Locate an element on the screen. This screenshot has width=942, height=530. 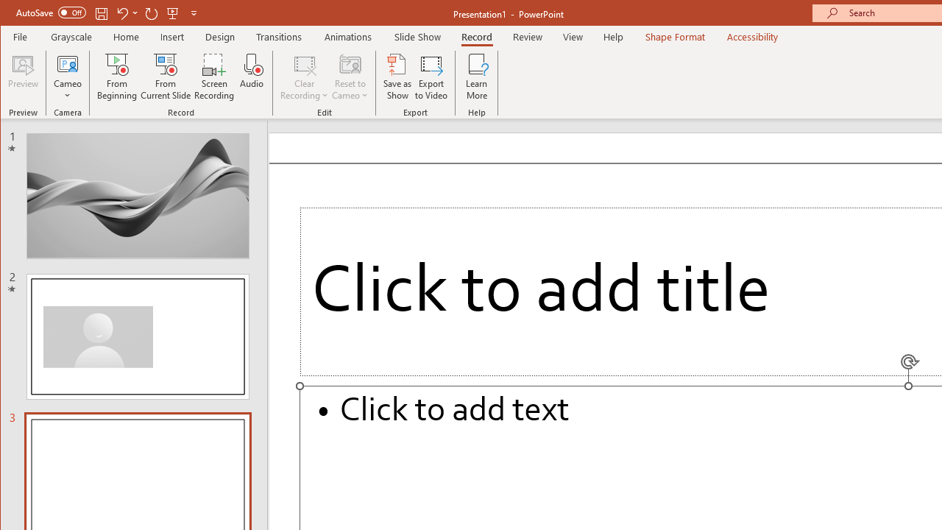
'Screen Recording' is located at coordinates (213, 77).